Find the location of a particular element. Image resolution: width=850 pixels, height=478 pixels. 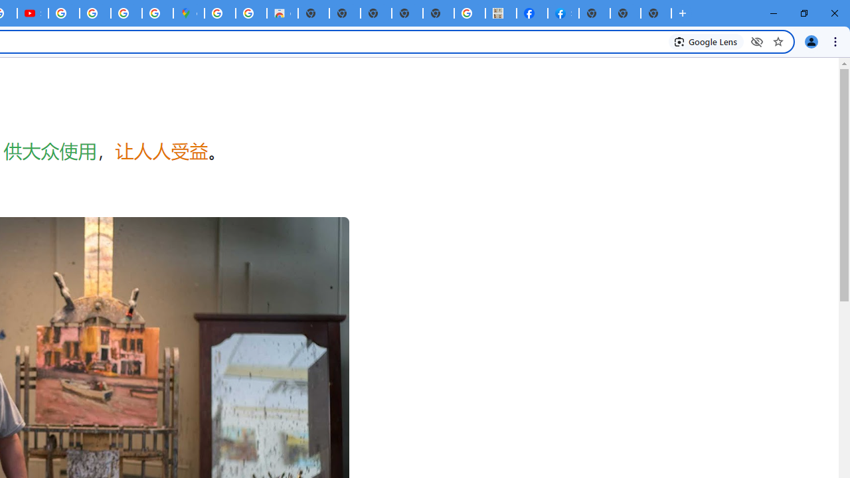

'Miley Cyrus | Facebook' is located at coordinates (532, 13).